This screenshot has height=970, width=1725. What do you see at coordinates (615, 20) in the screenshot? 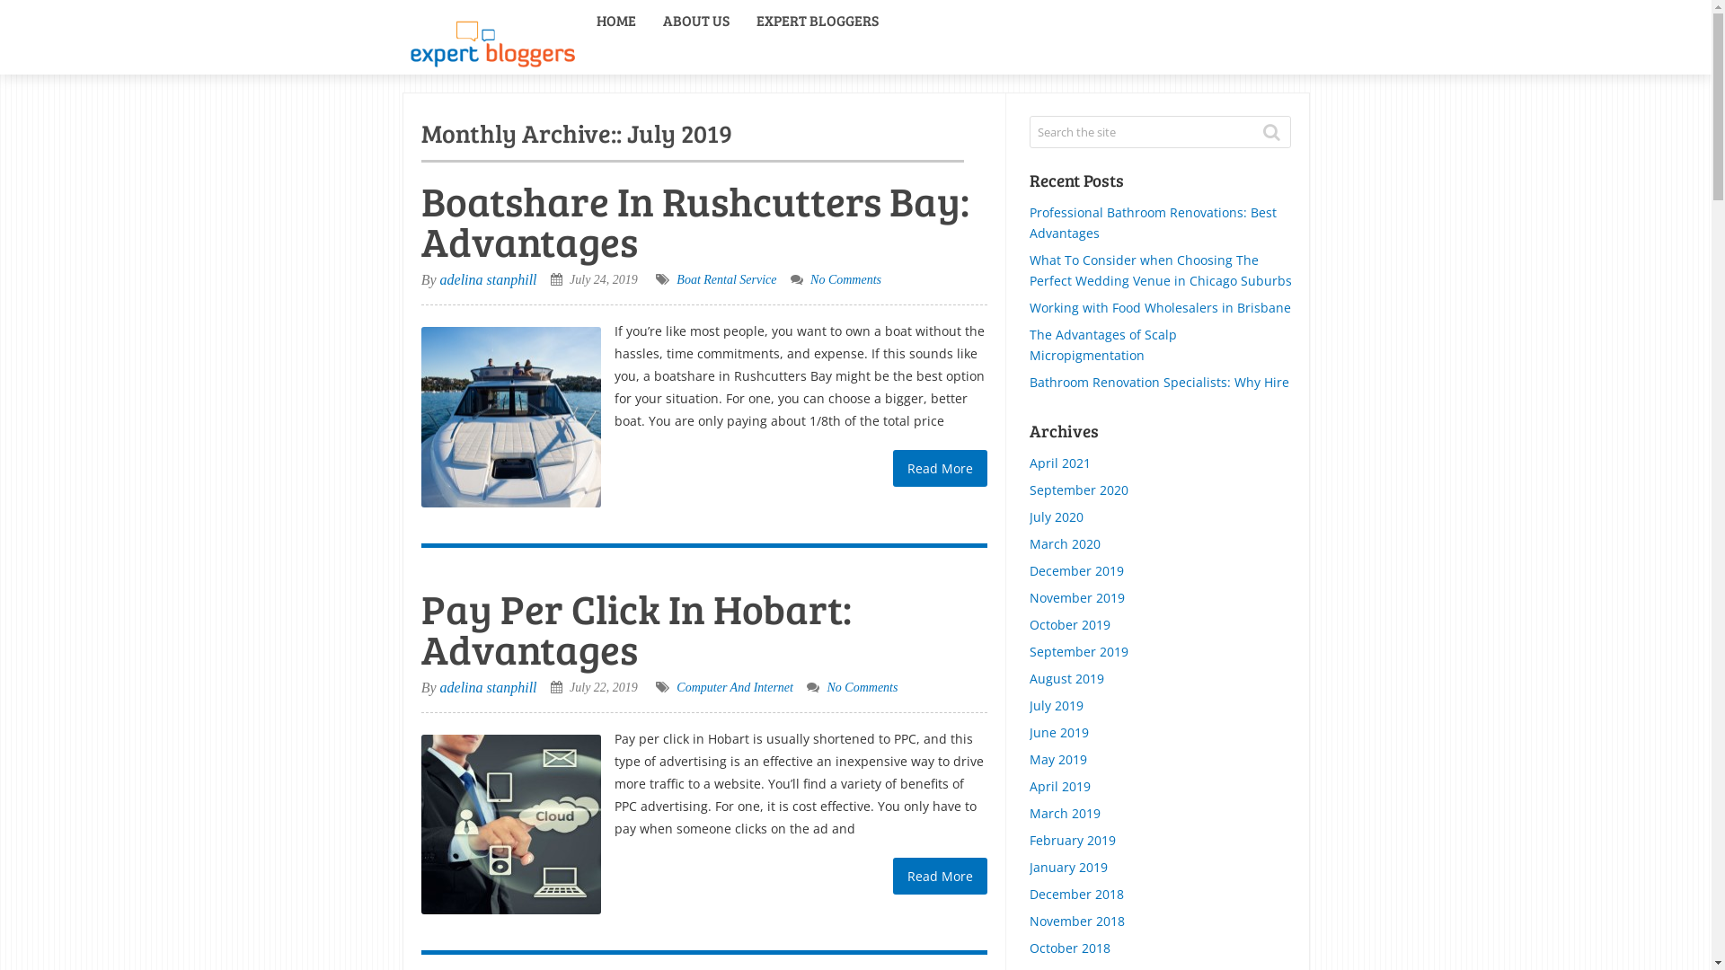
I see `'HOME'` at bounding box center [615, 20].